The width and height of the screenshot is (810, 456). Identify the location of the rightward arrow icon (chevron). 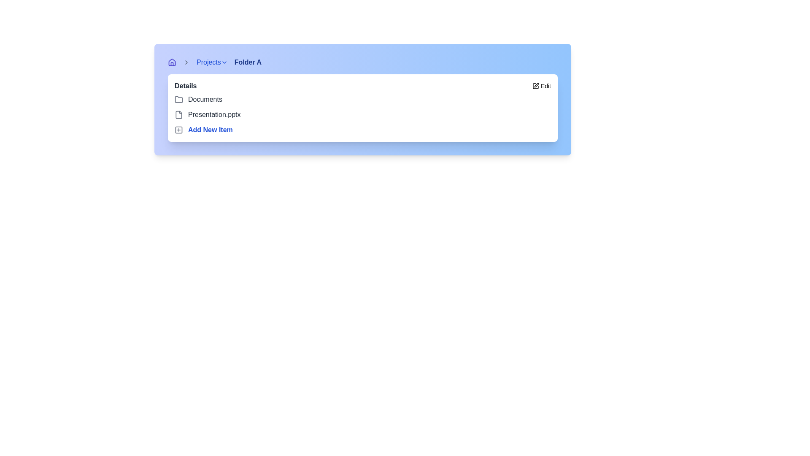
(224, 62).